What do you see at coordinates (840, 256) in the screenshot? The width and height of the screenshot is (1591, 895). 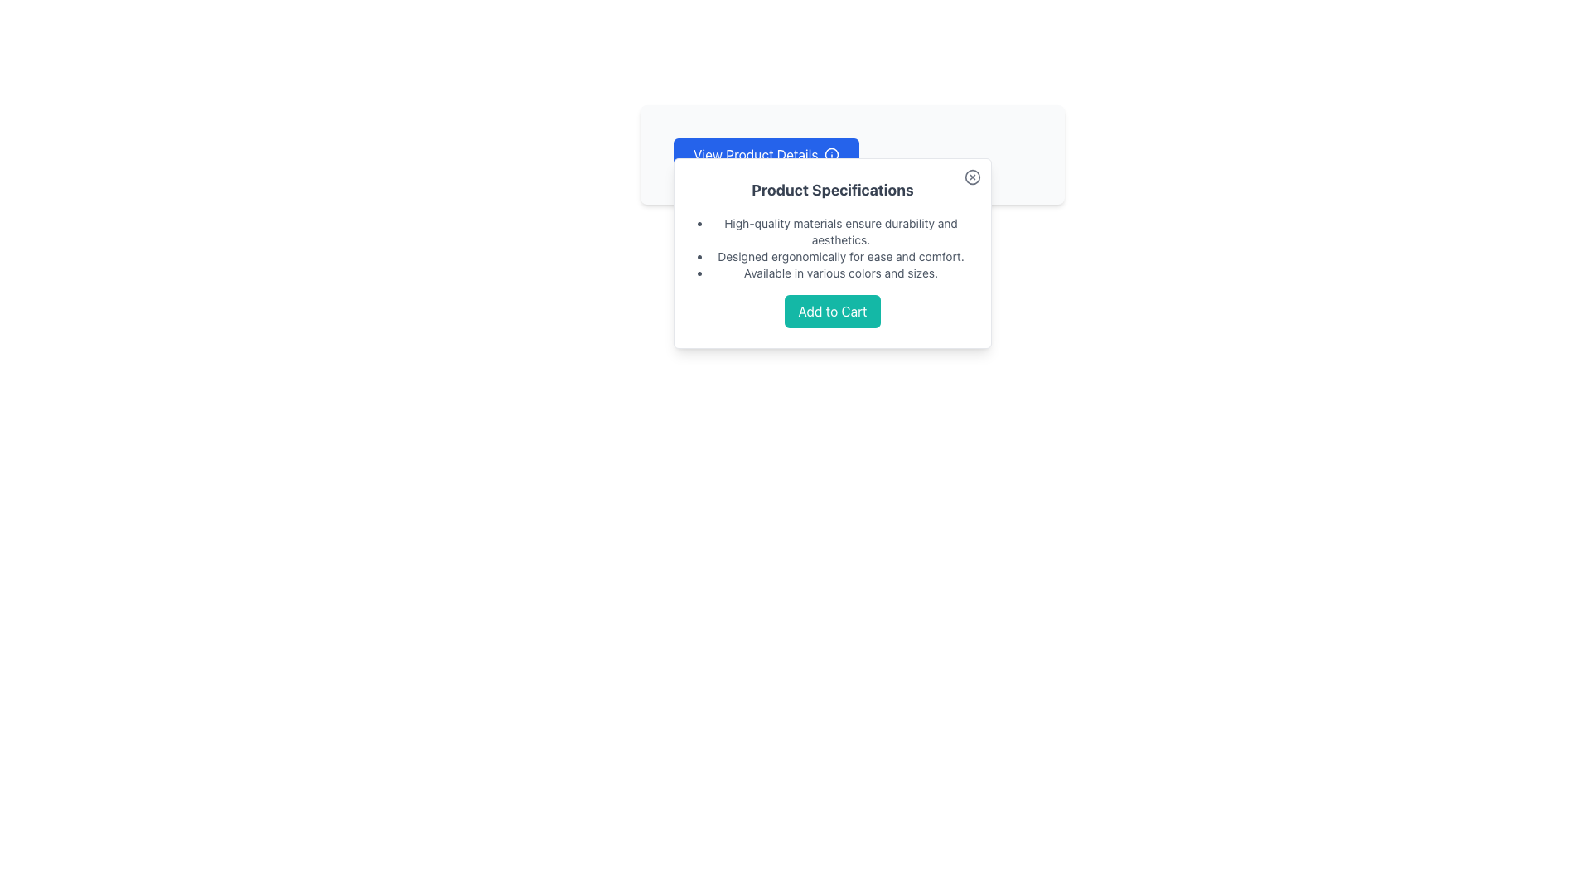 I see `the text element reading 'Designed ergonomically for ease and comfort.' which is the second item in a bulleted list within the modal dialog box labeled 'Product Specifications'` at bounding box center [840, 256].